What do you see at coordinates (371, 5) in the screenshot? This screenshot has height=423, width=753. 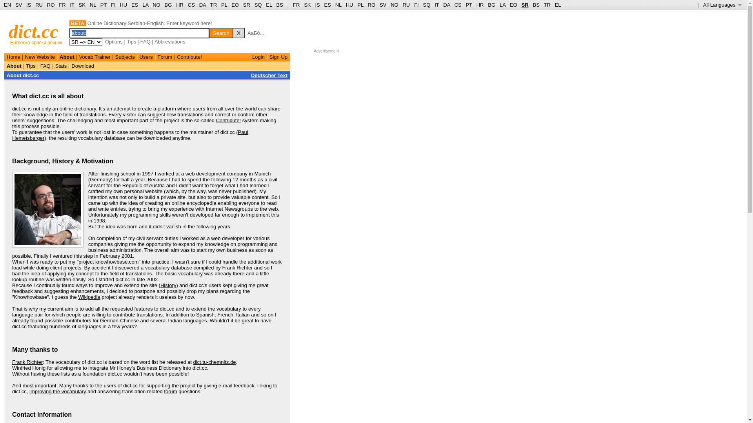 I see `'RO'` at bounding box center [371, 5].